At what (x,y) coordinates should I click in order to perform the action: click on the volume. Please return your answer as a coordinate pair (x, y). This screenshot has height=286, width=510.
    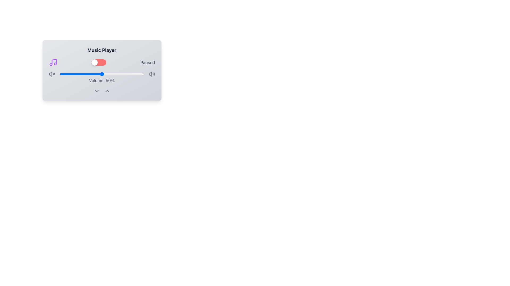
    Looking at the image, I should click on (86, 74).